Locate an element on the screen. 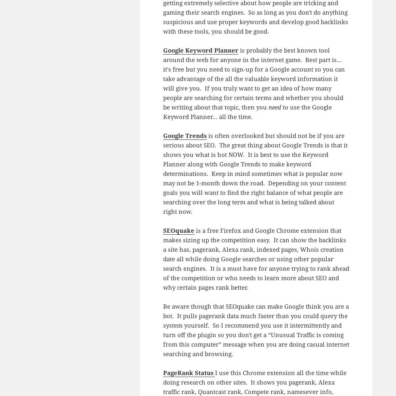 The width and height of the screenshot is (396, 396). 'need' is located at coordinates (274, 107).